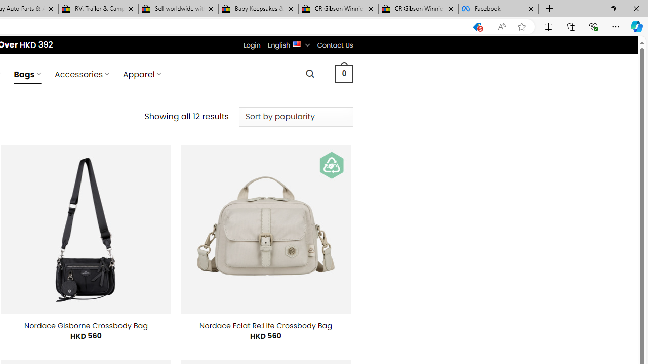 The image size is (648, 364). I want to click on 'Search', so click(309, 73).